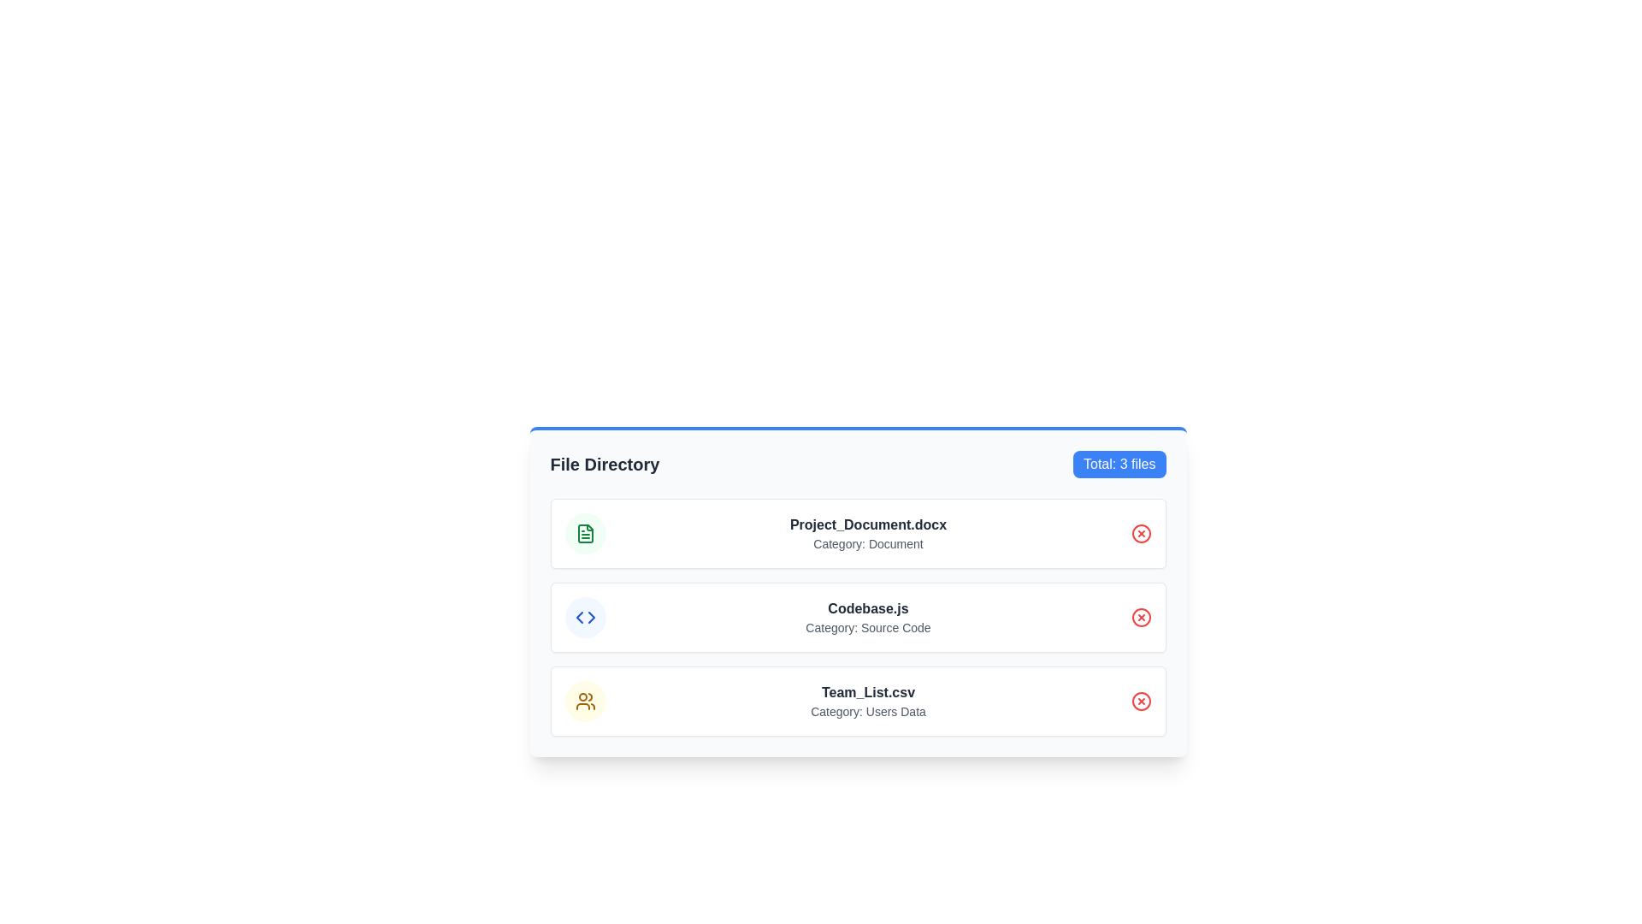 This screenshot has width=1642, height=924. Describe the element at coordinates (1119, 465) in the screenshot. I see `the blue button displaying 'Total: 3 files', which is located on the right side of the 'File Directory' text and serves as a header for the file list` at that location.